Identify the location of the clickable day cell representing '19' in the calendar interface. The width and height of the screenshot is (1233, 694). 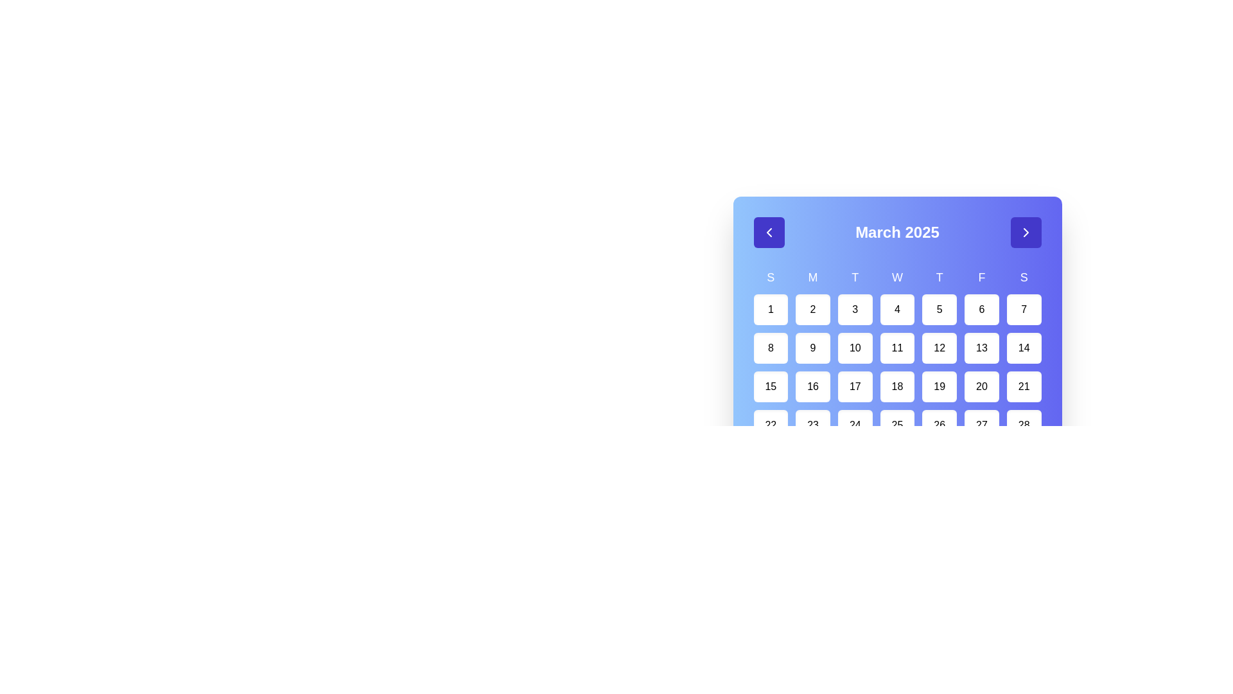
(940, 386).